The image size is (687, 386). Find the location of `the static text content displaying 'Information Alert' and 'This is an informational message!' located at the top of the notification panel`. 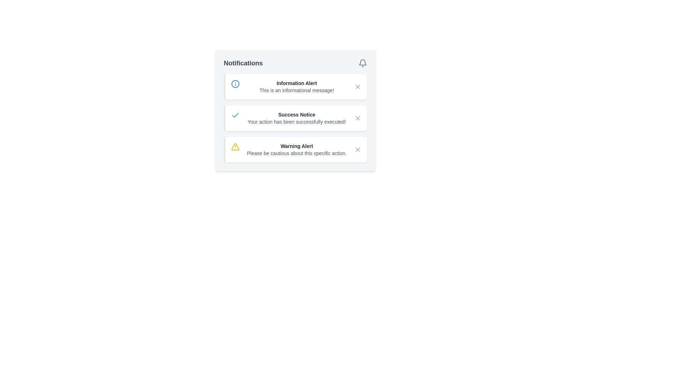

the static text content displaying 'Information Alert' and 'This is an informational message!' located at the top of the notification panel is located at coordinates (297, 86).